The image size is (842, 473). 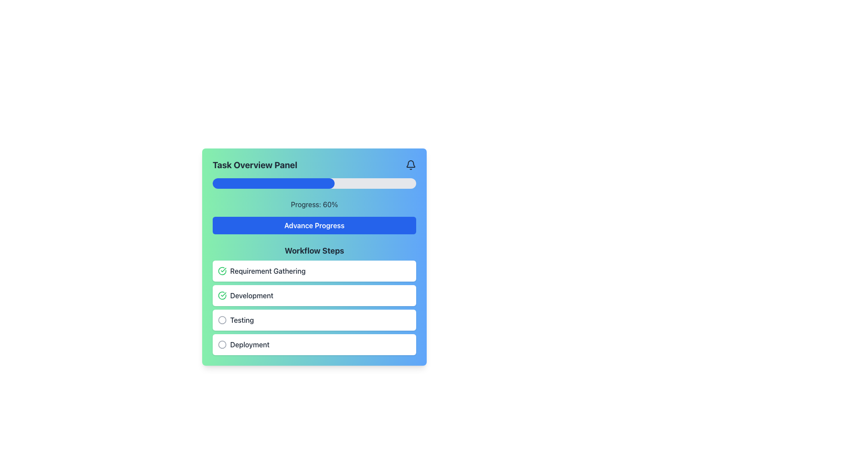 I want to click on the circular checkbox icon located to the left of the text 'Testing' in the 'Workflow Steps' section, so click(x=222, y=320).